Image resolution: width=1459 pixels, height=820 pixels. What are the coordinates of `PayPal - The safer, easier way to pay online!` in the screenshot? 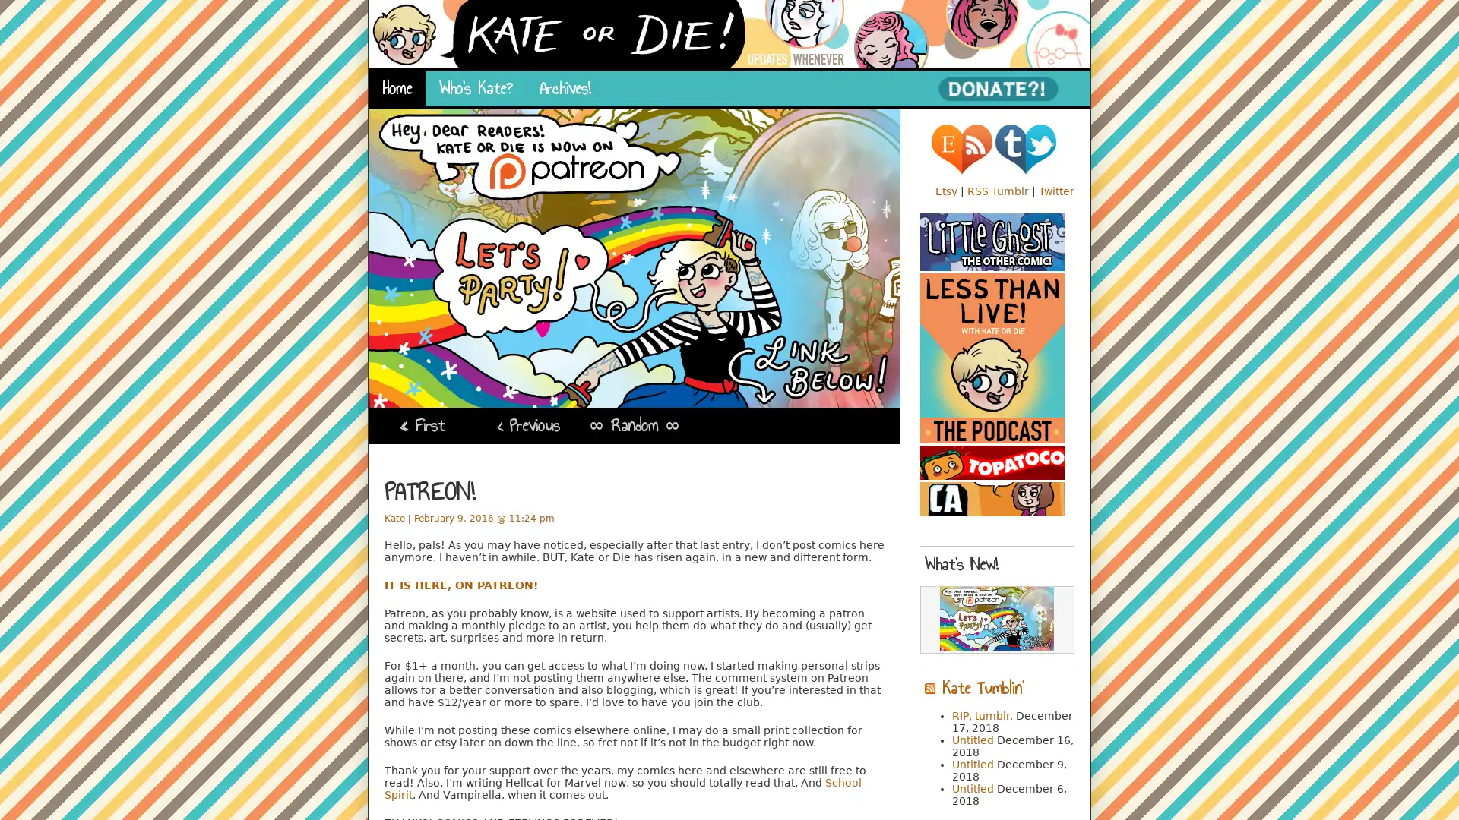 It's located at (997, 89).